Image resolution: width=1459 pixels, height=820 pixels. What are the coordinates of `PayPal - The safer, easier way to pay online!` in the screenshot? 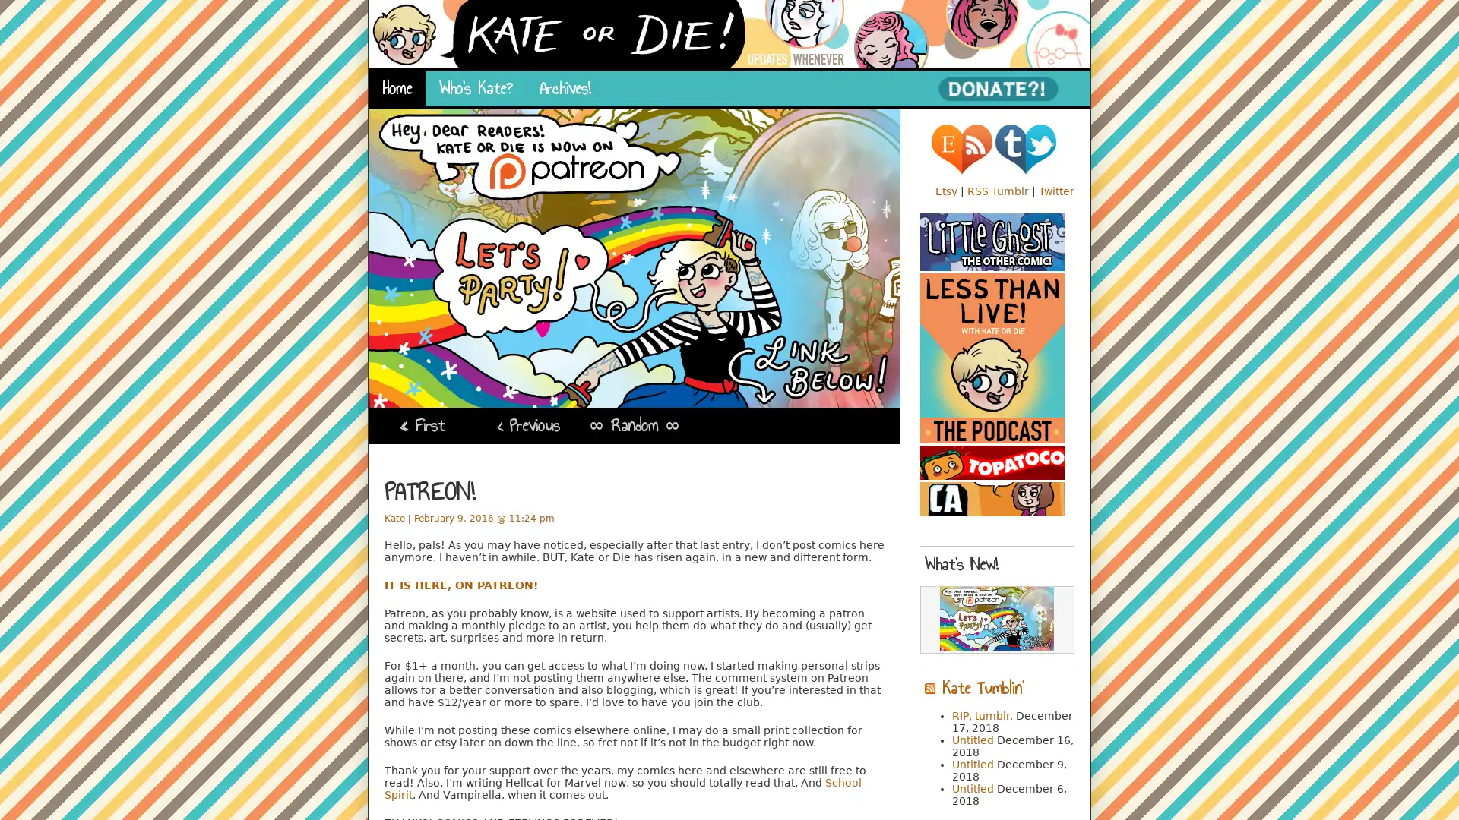 It's located at (997, 89).